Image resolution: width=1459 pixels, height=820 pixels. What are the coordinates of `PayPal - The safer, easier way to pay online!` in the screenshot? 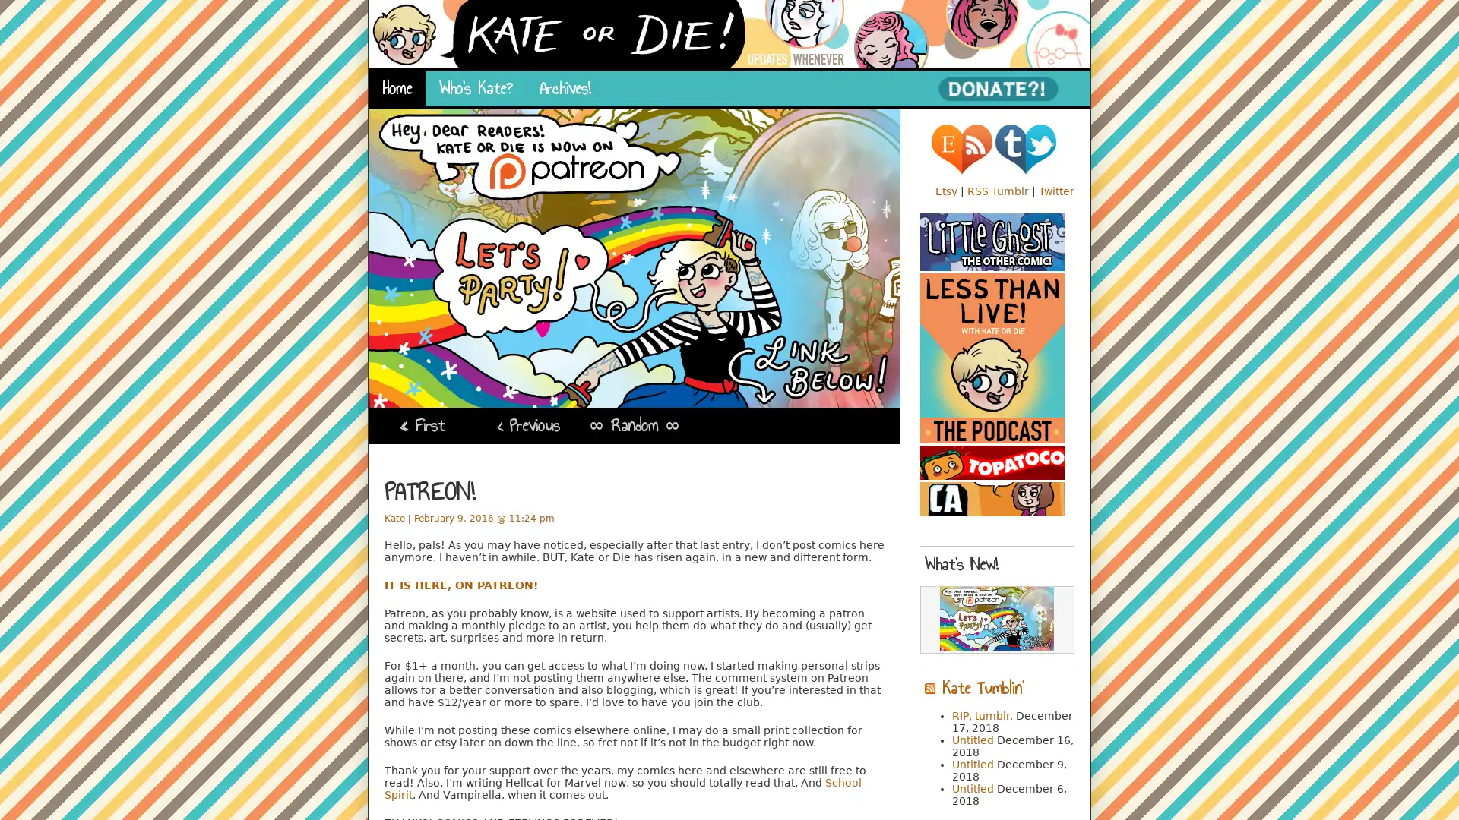 It's located at (997, 89).